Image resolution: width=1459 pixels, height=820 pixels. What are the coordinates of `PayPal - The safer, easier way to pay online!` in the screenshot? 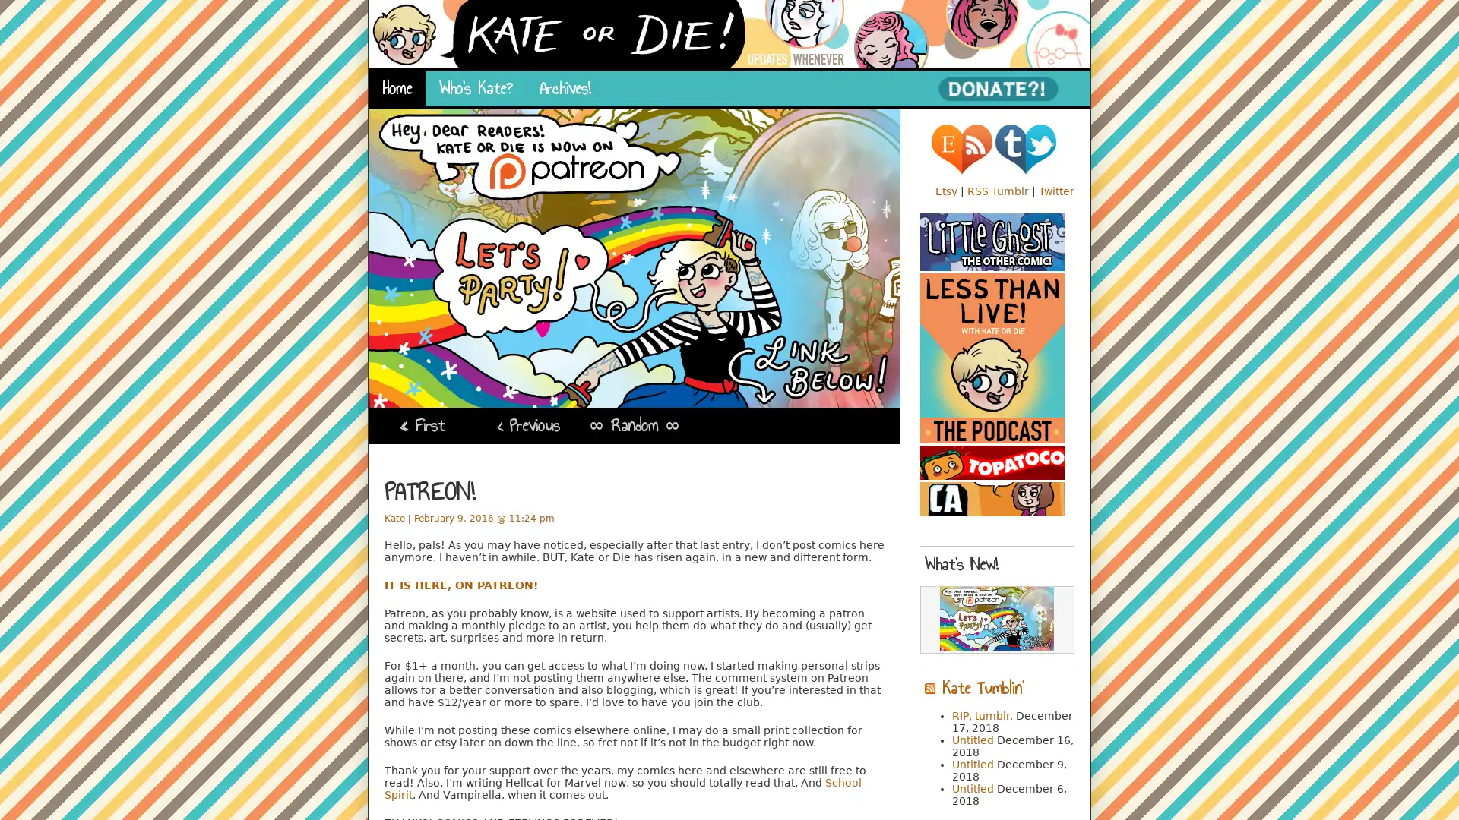 It's located at (997, 89).